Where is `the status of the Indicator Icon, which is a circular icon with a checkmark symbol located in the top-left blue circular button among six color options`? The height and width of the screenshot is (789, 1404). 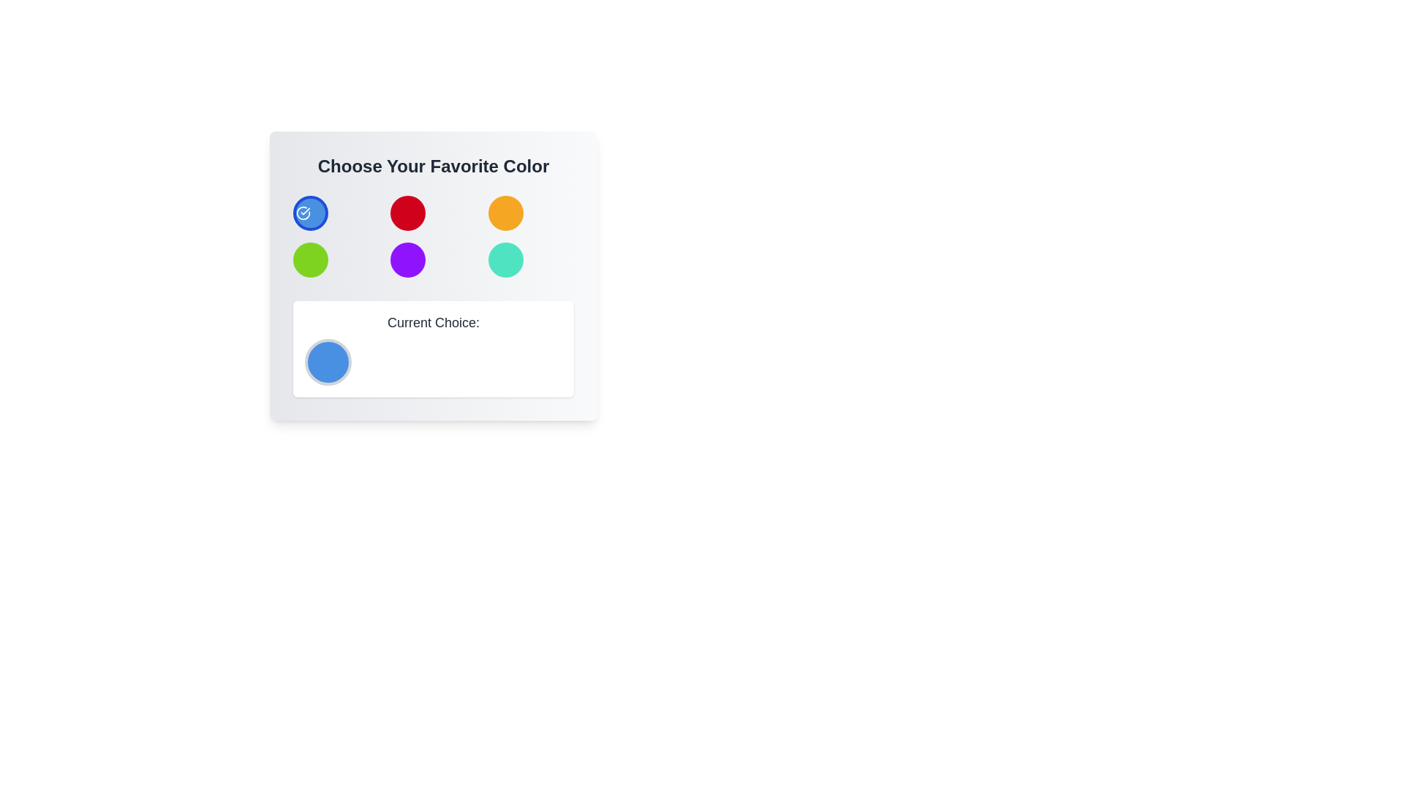
the status of the Indicator Icon, which is a circular icon with a checkmark symbol located in the top-left blue circular button among six color options is located at coordinates (302, 213).